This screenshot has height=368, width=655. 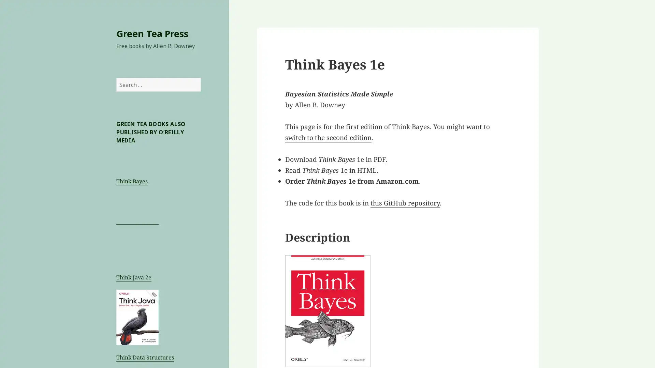 I want to click on Search, so click(x=200, y=78).